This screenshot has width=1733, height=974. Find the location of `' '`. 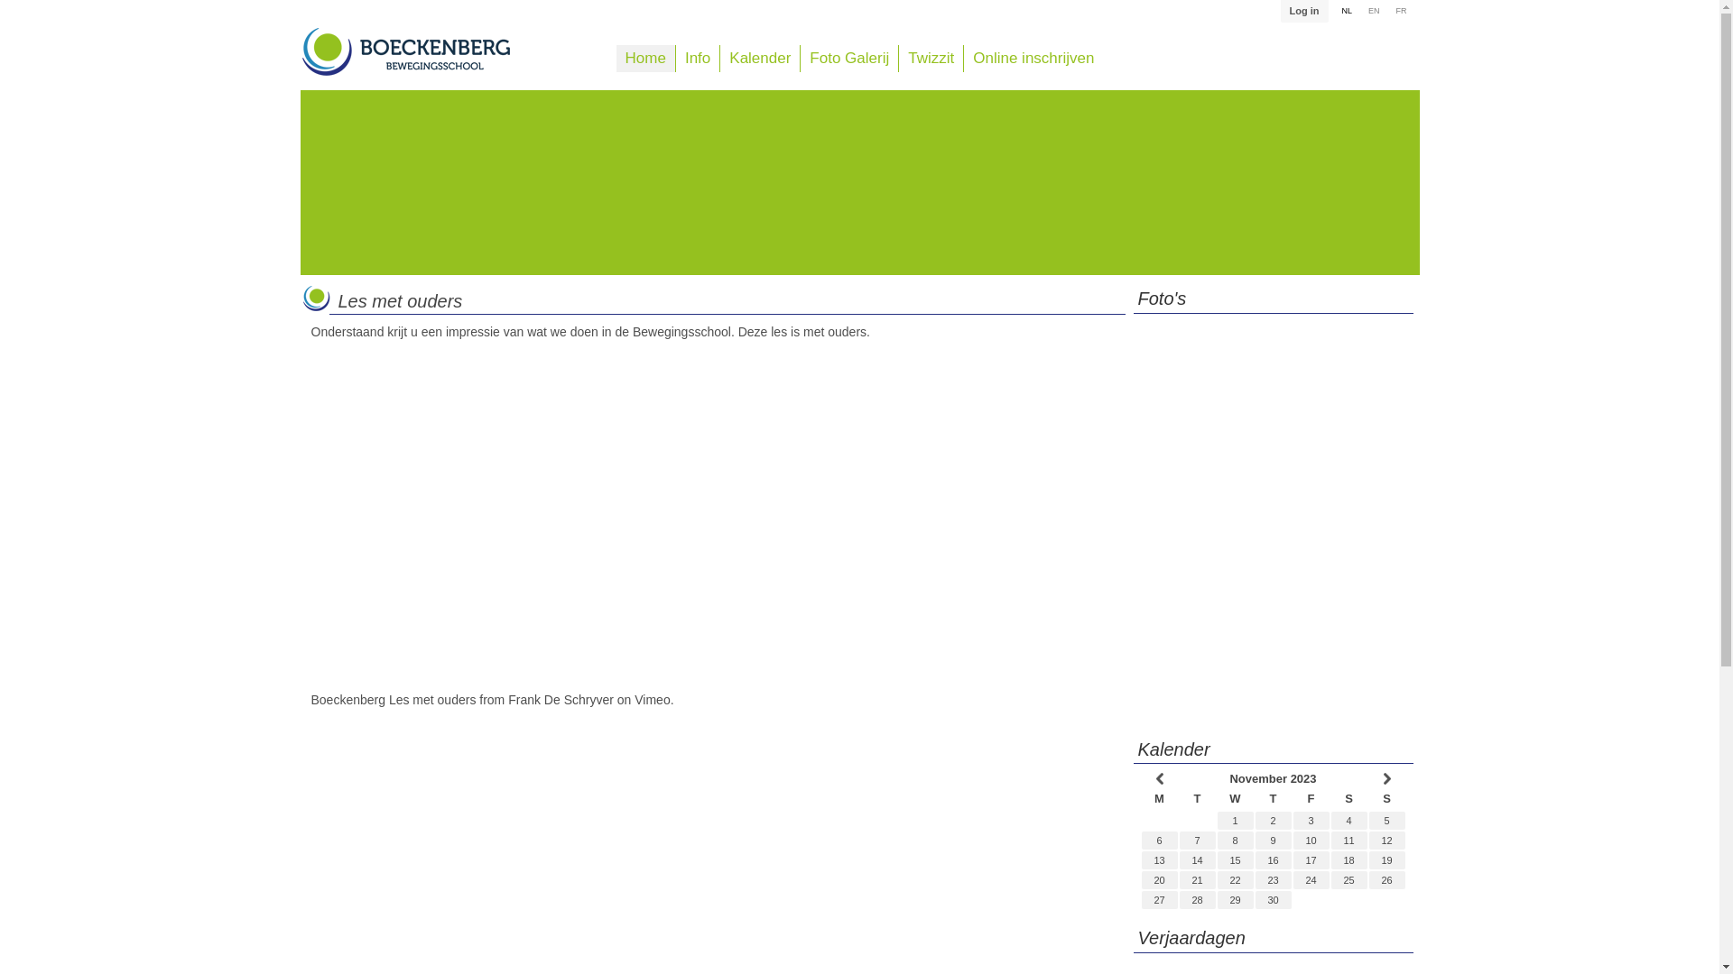

' ' is located at coordinates (1158, 777).